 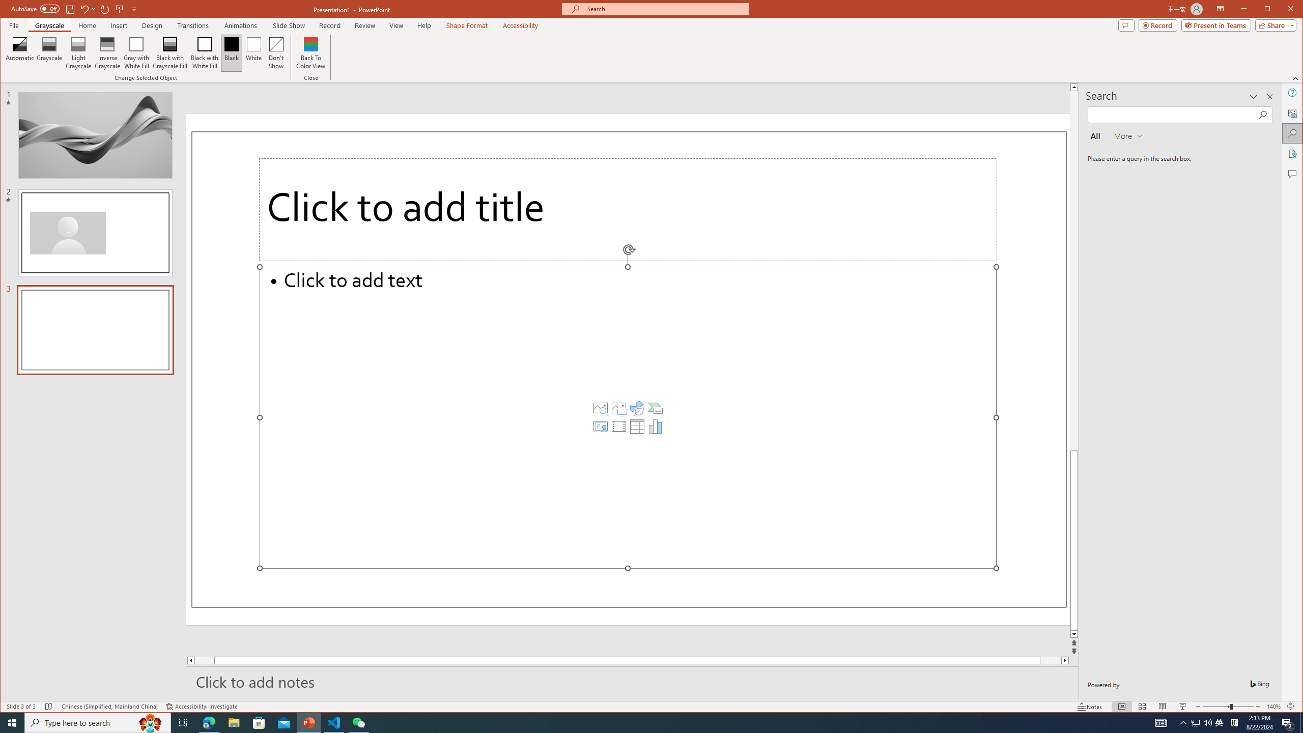 What do you see at coordinates (49, 25) in the screenshot?
I see `'Grayscale'` at bounding box center [49, 25].